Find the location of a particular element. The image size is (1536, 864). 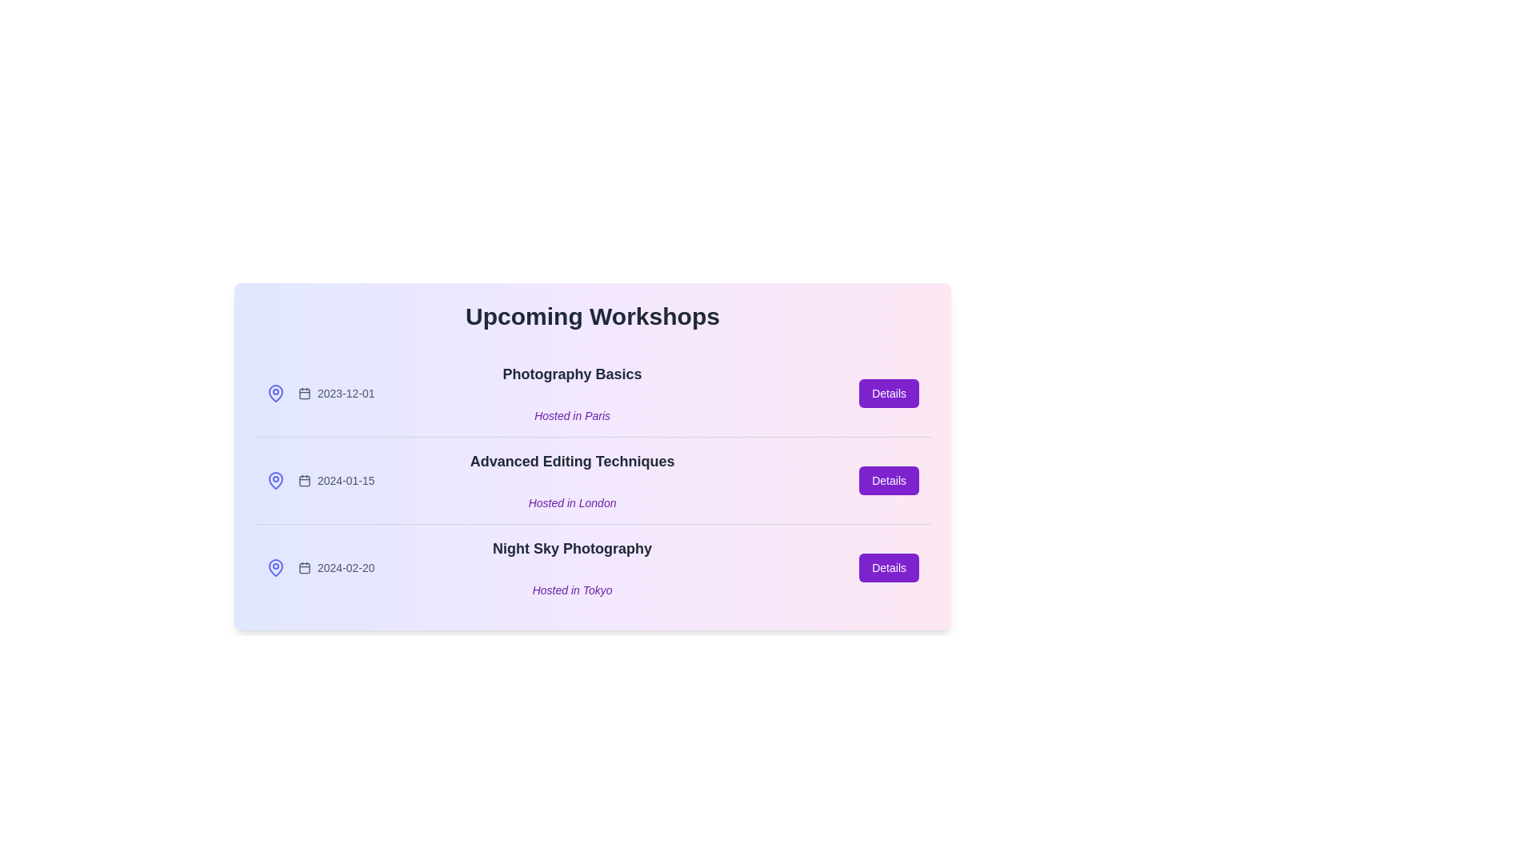

the workshop item corresponding to Night Sky Photography is located at coordinates (591, 566).